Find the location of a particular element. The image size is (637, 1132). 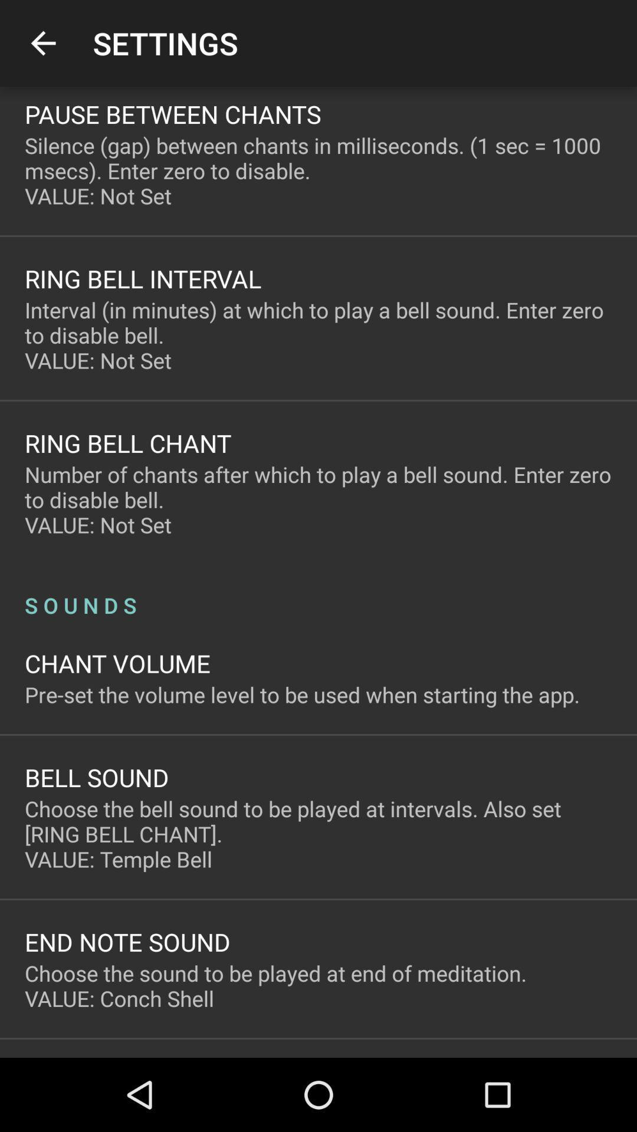

the icon below the number of chants item is located at coordinates (318, 593).